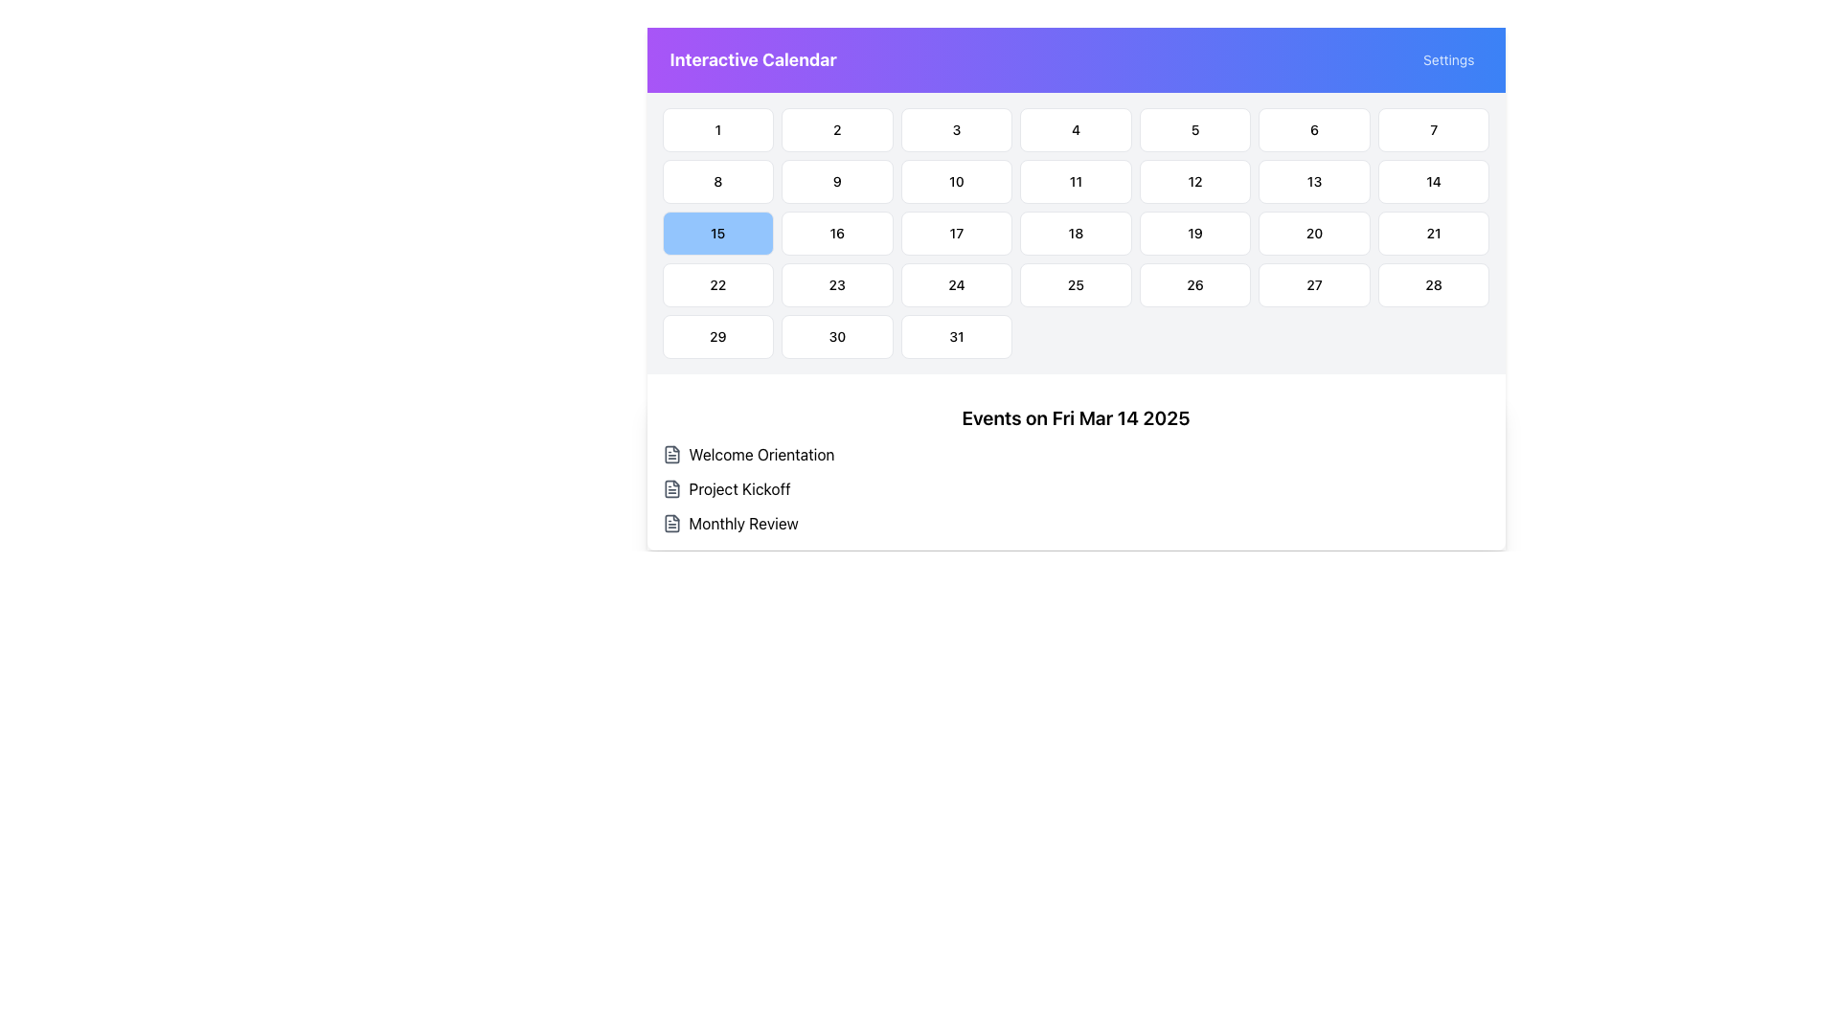  Describe the element at coordinates (1194, 284) in the screenshot. I see `the Text label representing a specific day in the calendar layout located in the fourth row and sixth column of a seven-column grid, surrounded by '25' and '27'` at that location.